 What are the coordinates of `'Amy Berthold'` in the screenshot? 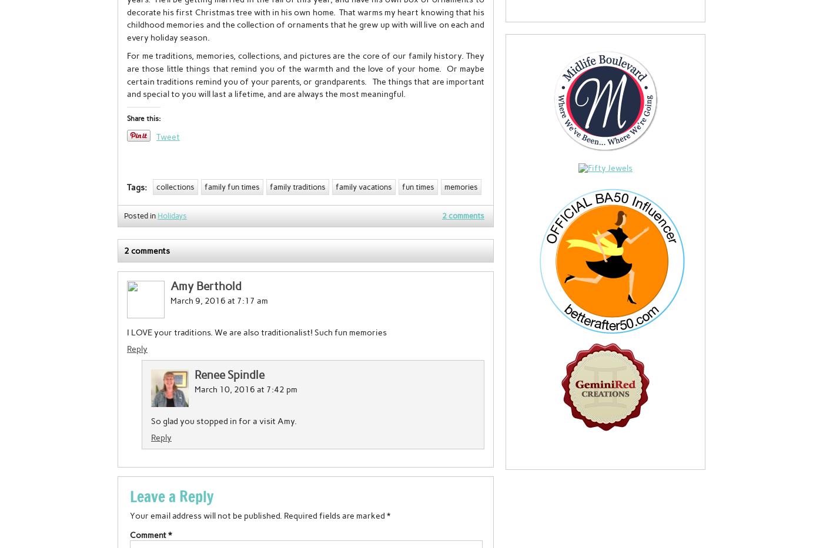 It's located at (206, 286).